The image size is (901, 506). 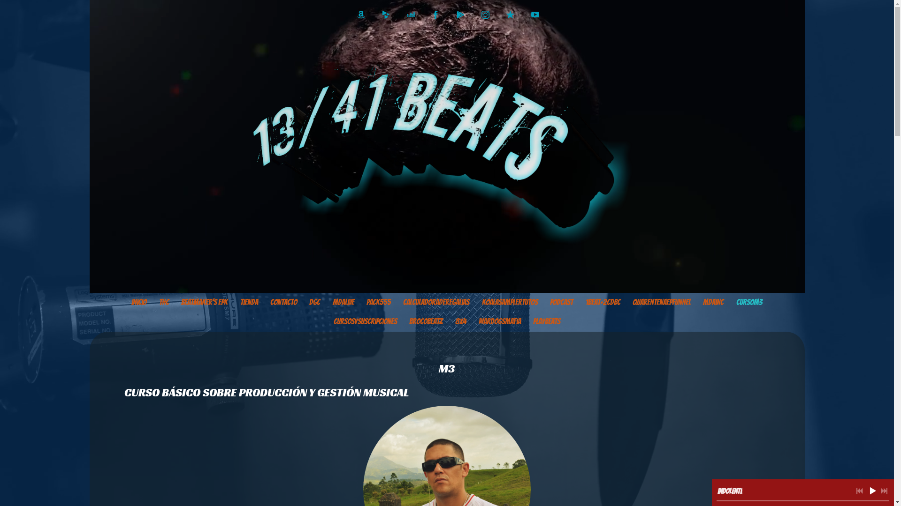 What do you see at coordinates (535, 15) in the screenshot?
I see `'https://www.youtube.com/Kabster1341'` at bounding box center [535, 15].